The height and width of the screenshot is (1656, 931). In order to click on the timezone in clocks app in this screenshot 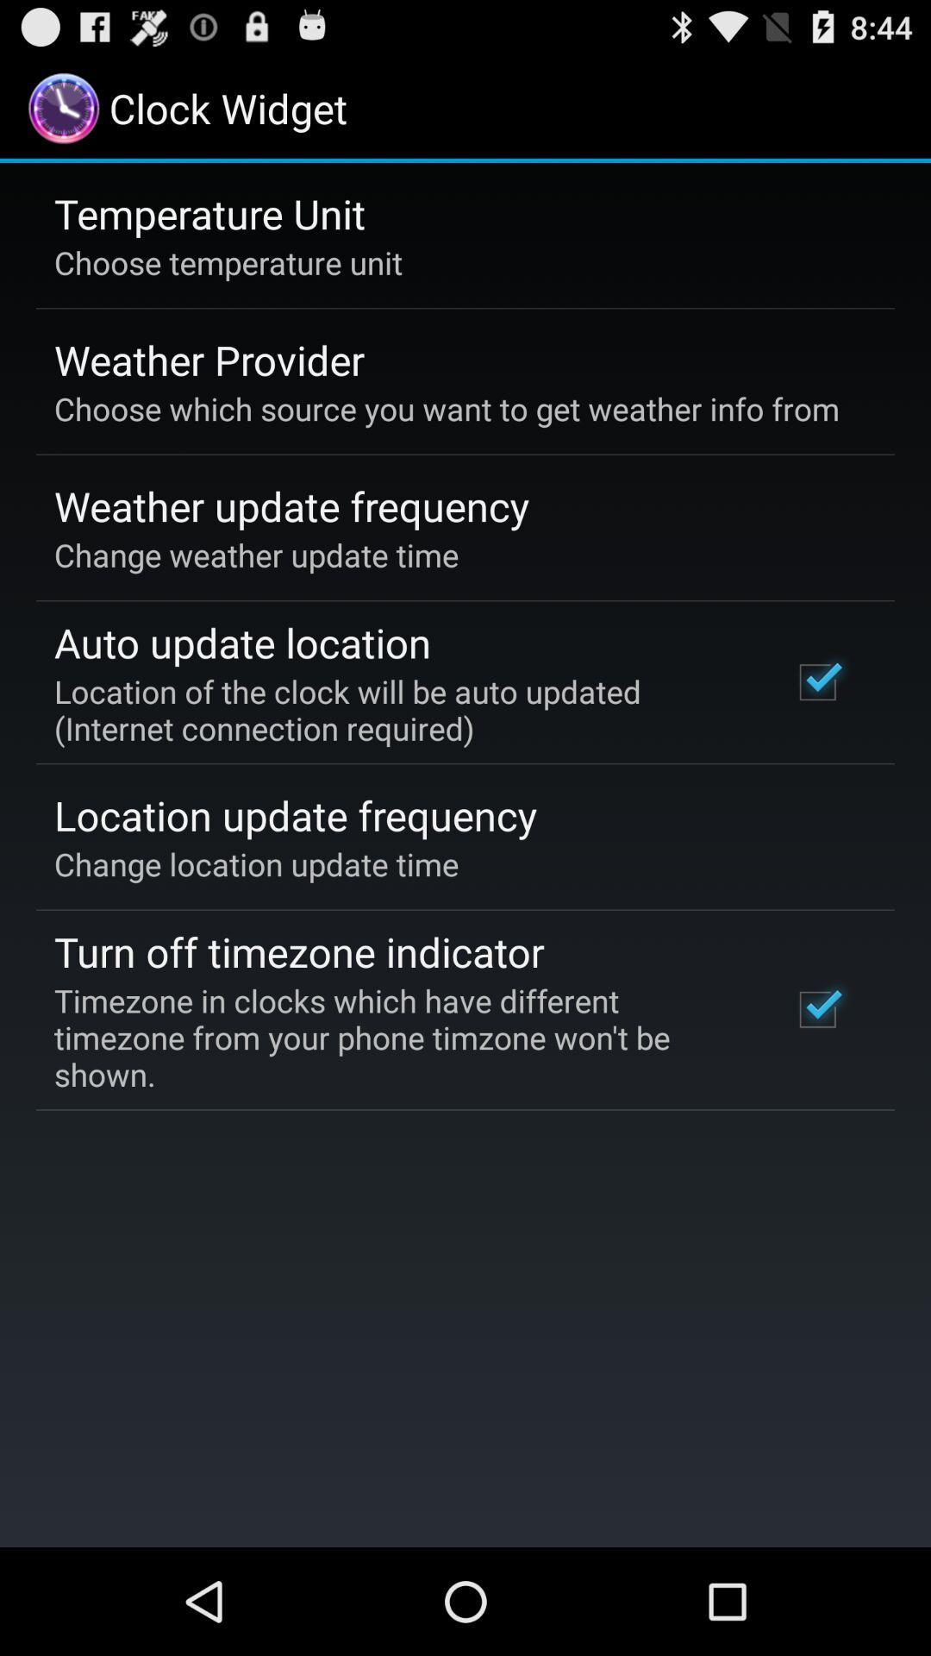, I will do `click(399, 1037)`.